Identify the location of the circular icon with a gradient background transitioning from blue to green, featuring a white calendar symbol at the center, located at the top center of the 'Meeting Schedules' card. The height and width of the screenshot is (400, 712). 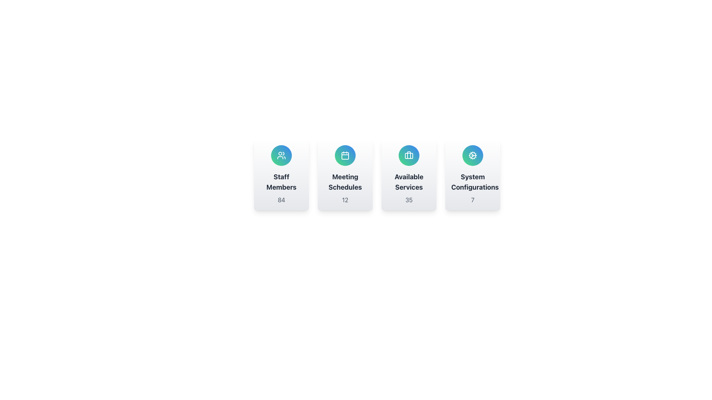
(345, 155).